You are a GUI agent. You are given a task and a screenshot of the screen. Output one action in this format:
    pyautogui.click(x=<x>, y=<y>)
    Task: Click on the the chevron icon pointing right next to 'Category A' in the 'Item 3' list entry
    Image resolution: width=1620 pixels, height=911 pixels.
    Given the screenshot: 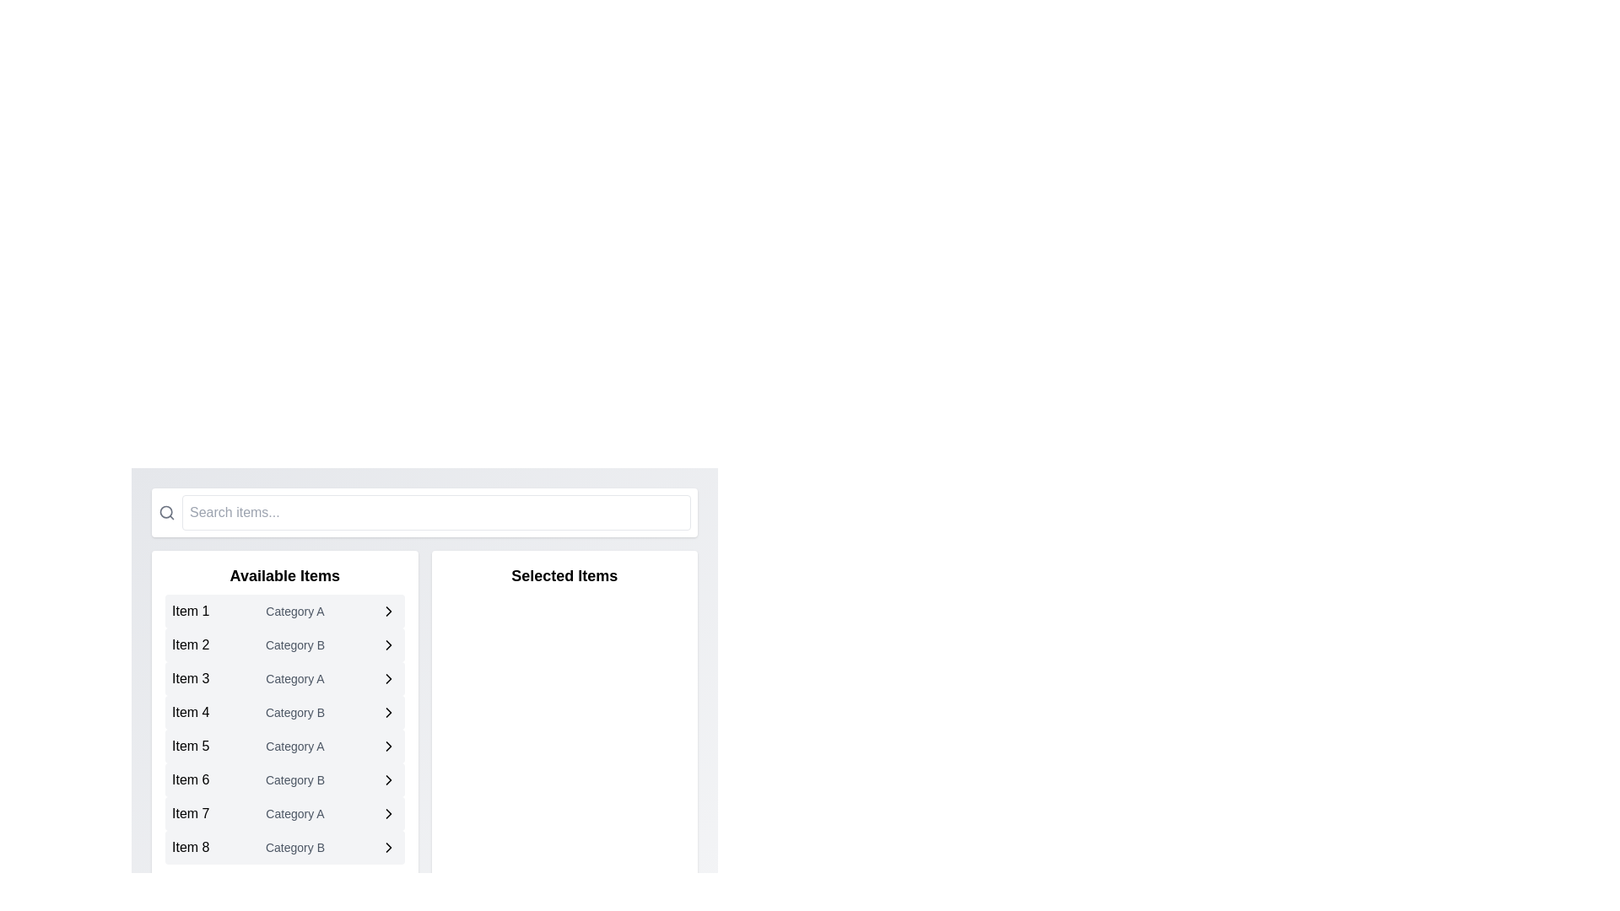 What is the action you would take?
    pyautogui.click(x=388, y=678)
    